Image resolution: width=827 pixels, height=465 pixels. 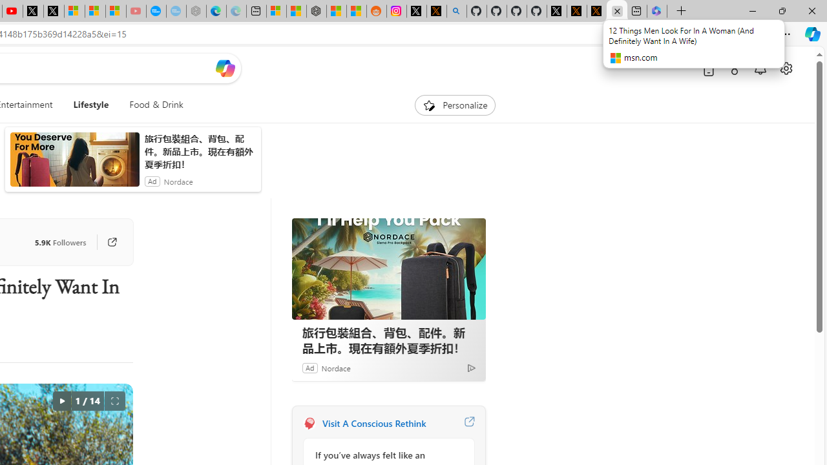 I want to click on 'Lifestyle', so click(x=90, y=105).